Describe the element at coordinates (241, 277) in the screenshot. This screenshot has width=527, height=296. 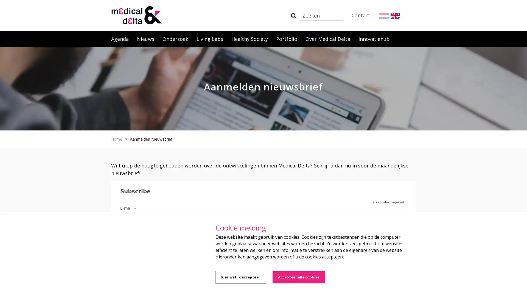
I see `Kies wat ik accepteer` at that location.